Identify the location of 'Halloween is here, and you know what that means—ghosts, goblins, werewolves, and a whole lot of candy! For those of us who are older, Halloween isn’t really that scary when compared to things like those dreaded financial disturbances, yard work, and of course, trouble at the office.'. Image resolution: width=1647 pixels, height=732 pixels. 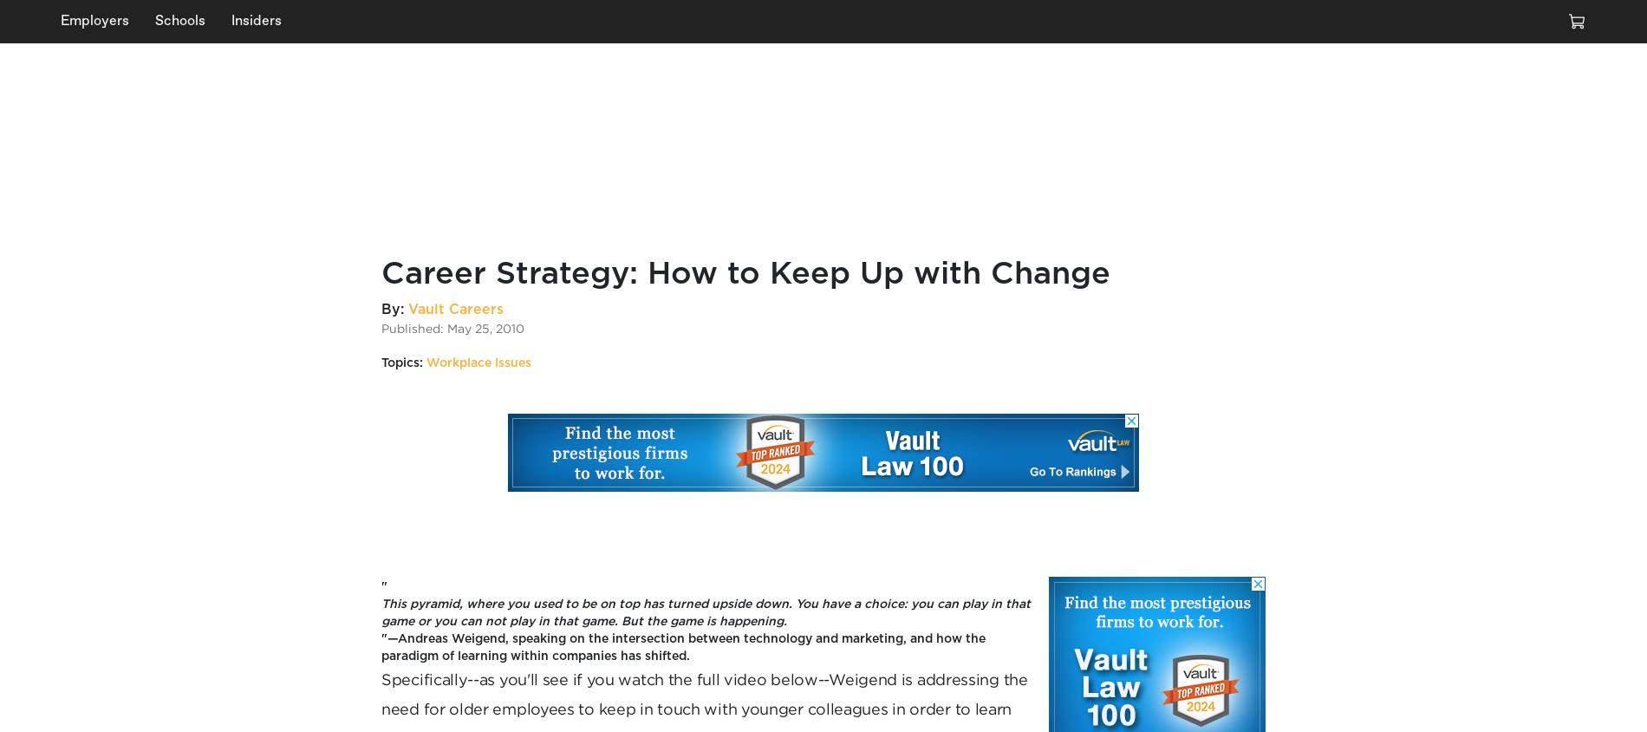
(1363, 217).